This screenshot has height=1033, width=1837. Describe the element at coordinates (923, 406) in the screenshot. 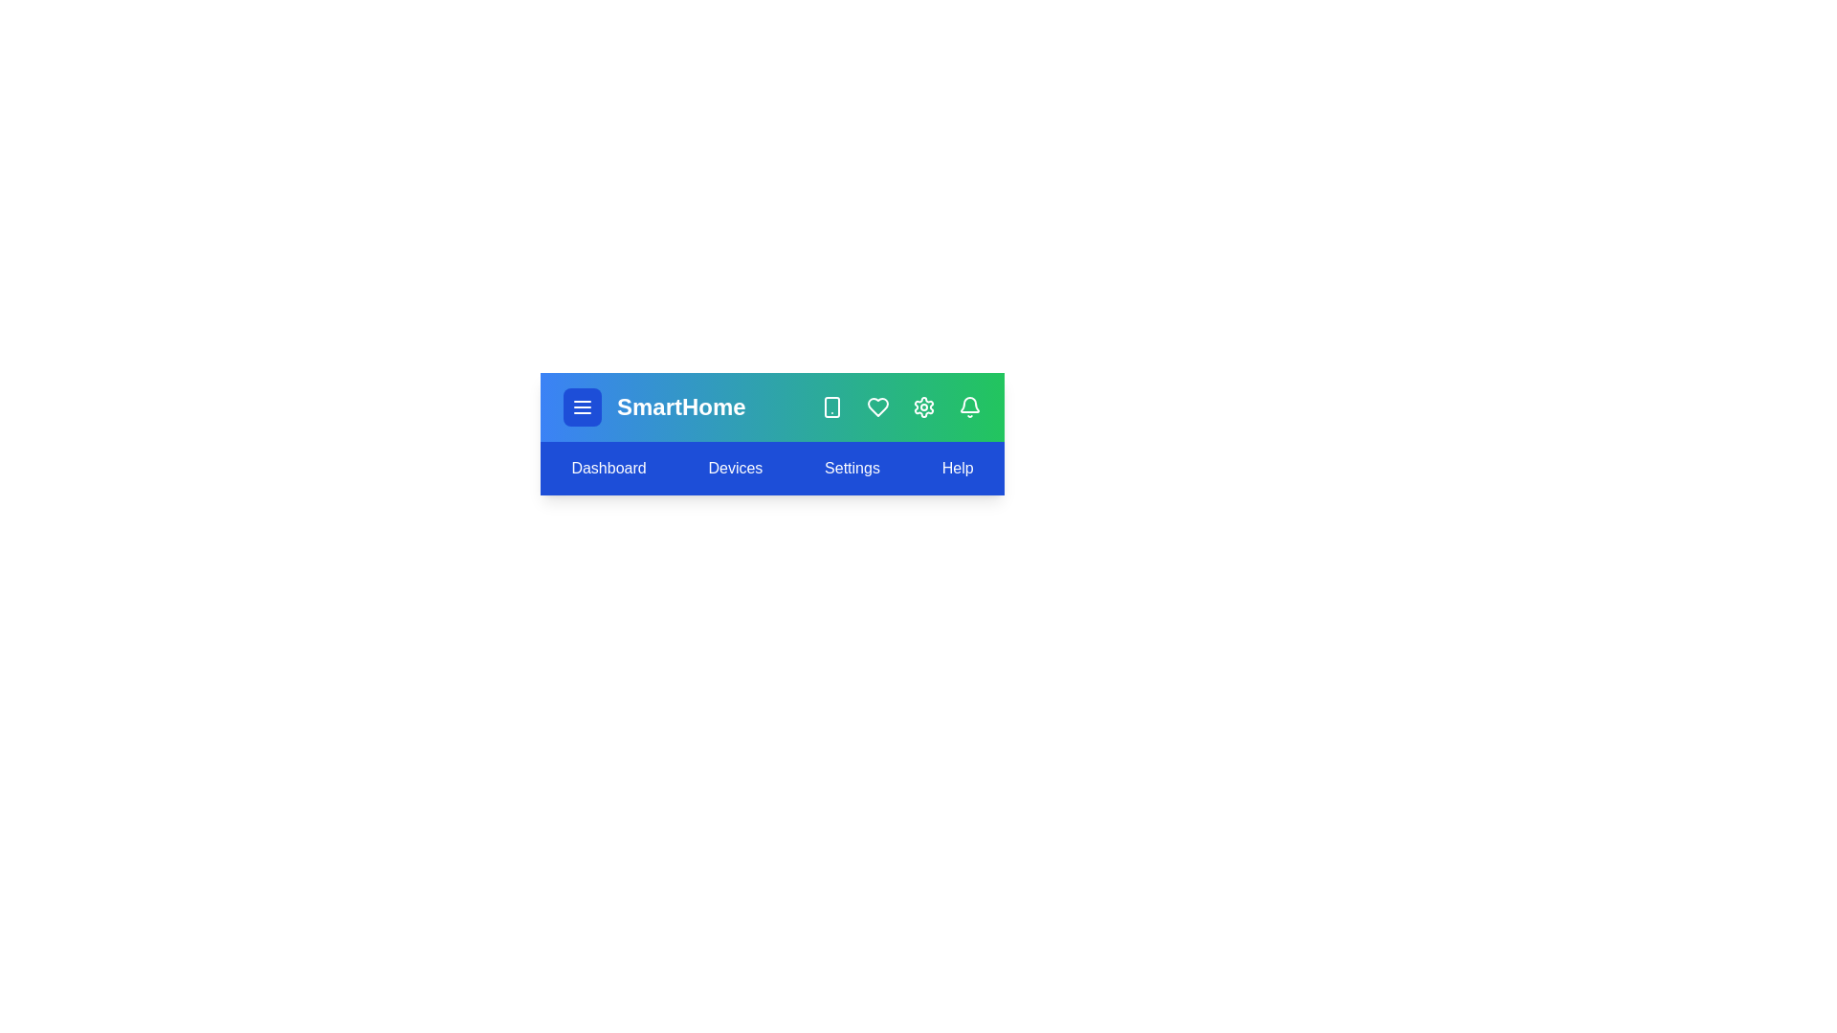

I see `the 'Settings' icon in the SmartHomeAppBar` at that location.